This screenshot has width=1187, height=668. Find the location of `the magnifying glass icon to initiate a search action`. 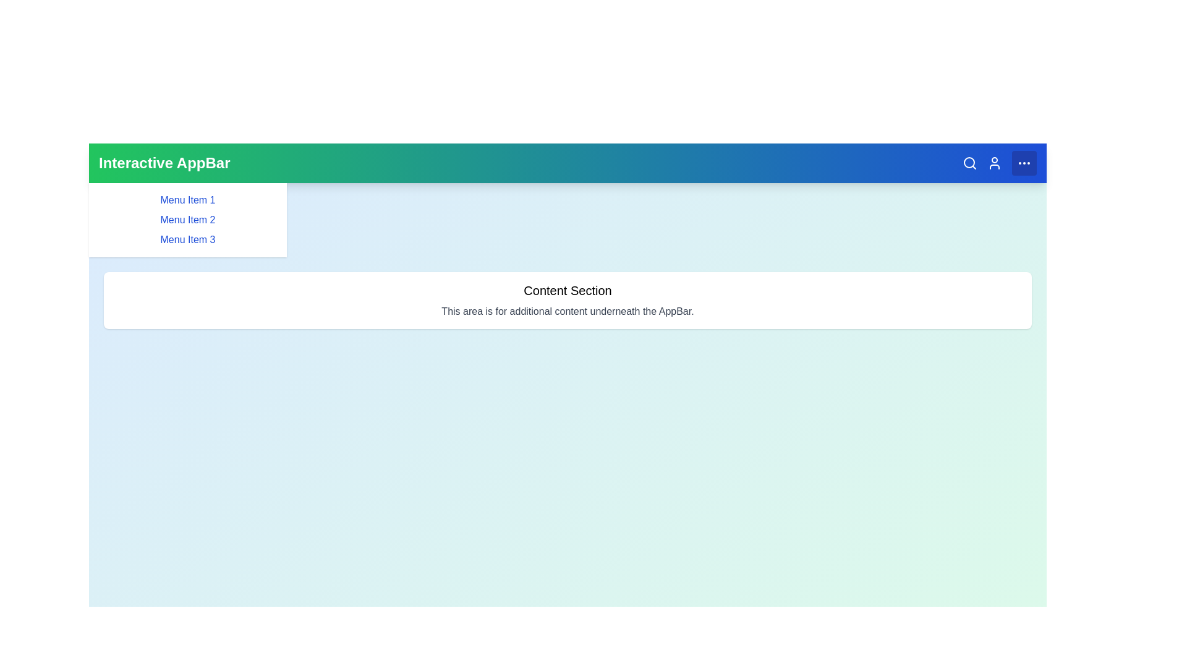

the magnifying glass icon to initiate a search action is located at coordinates (969, 162).